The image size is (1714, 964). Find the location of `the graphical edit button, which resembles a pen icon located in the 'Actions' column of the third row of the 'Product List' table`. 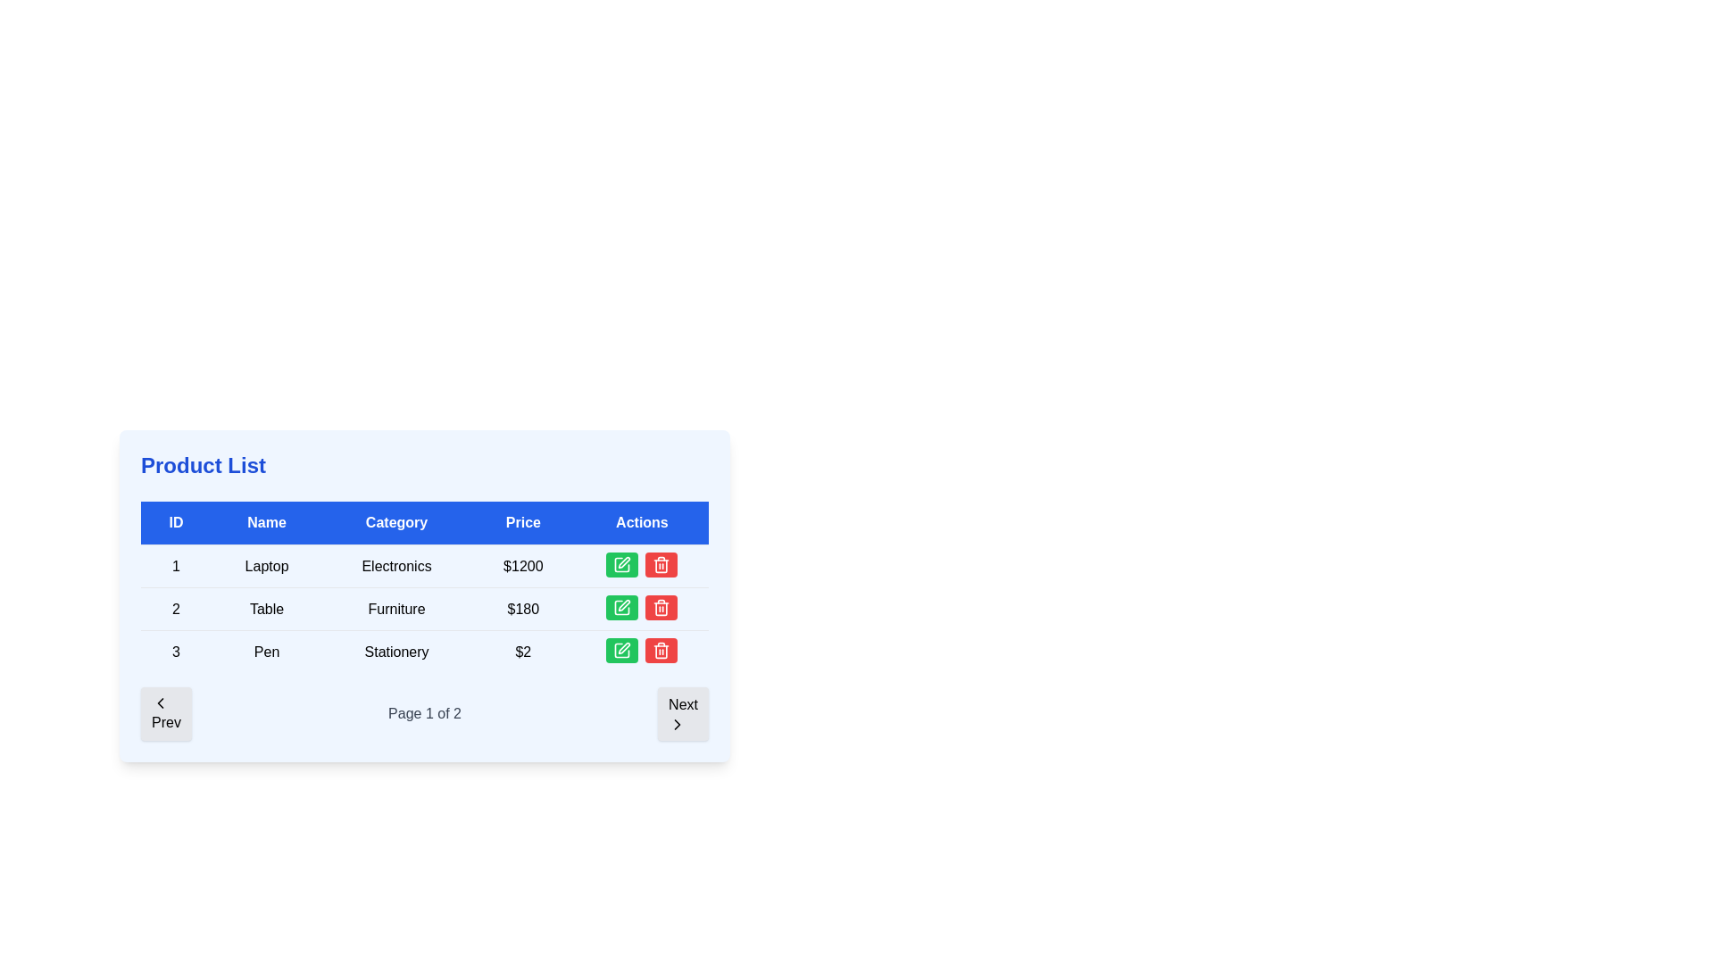

the graphical edit button, which resembles a pen icon located in the 'Actions' column of the third row of the 'Product List' table is located at coordinates (622, 651).